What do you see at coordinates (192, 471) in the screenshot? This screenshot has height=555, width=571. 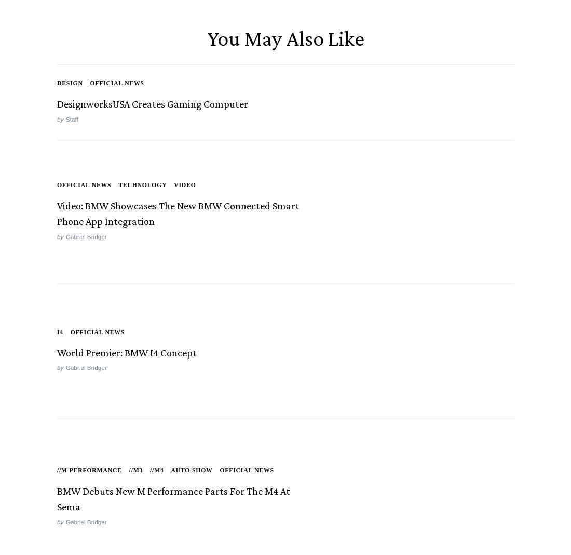 I see `'Auto Show'` at bounding box center [192, 471].